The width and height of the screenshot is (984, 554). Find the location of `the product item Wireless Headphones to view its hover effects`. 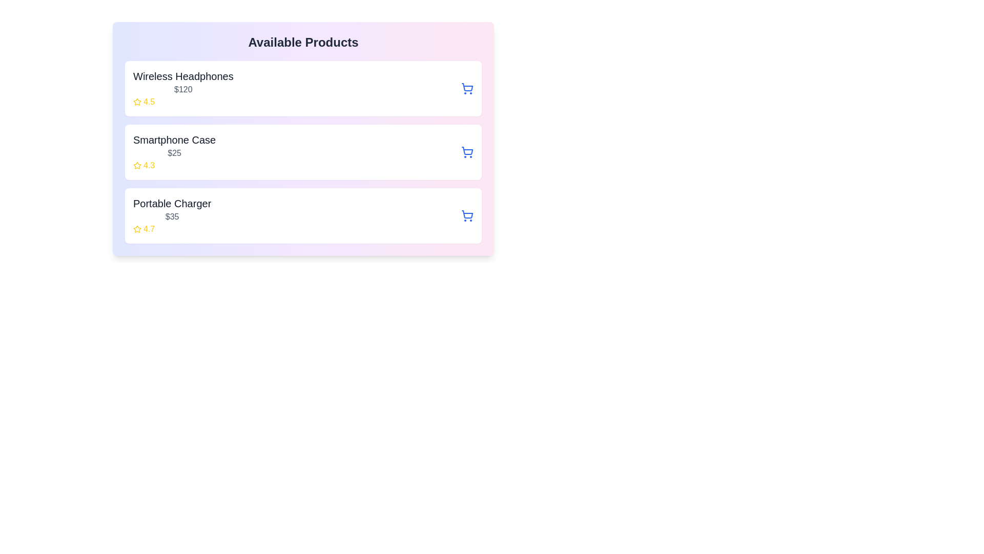

the product item Wireless Headphones to view its hover effects is located at coordinates (302, 88).